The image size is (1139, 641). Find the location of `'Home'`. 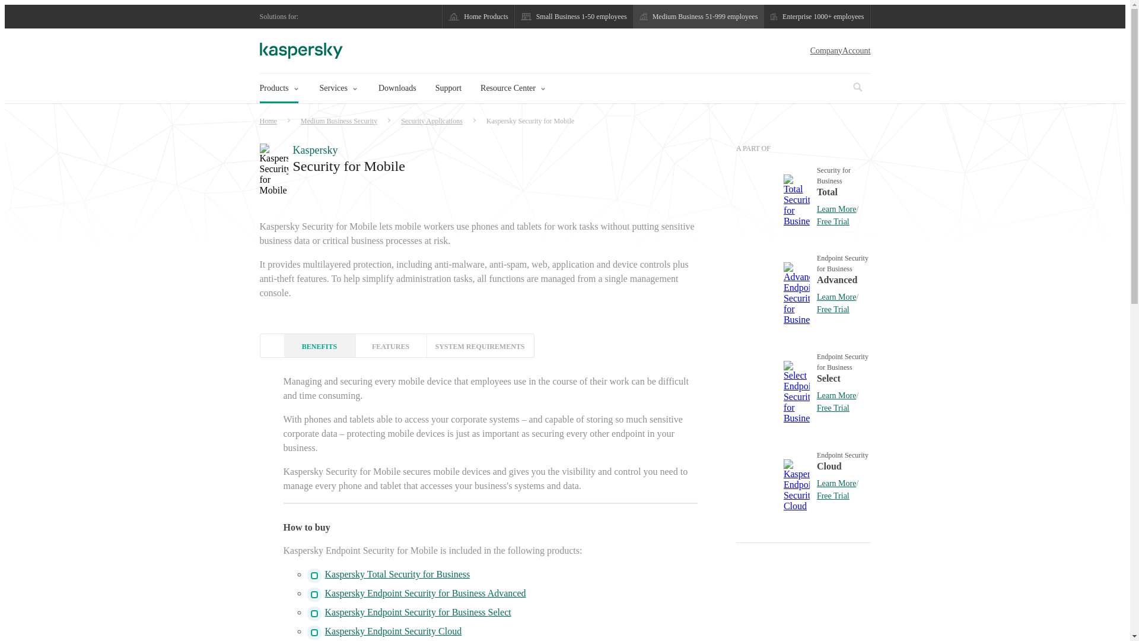

'Home' is located at coordinates (268, 120).